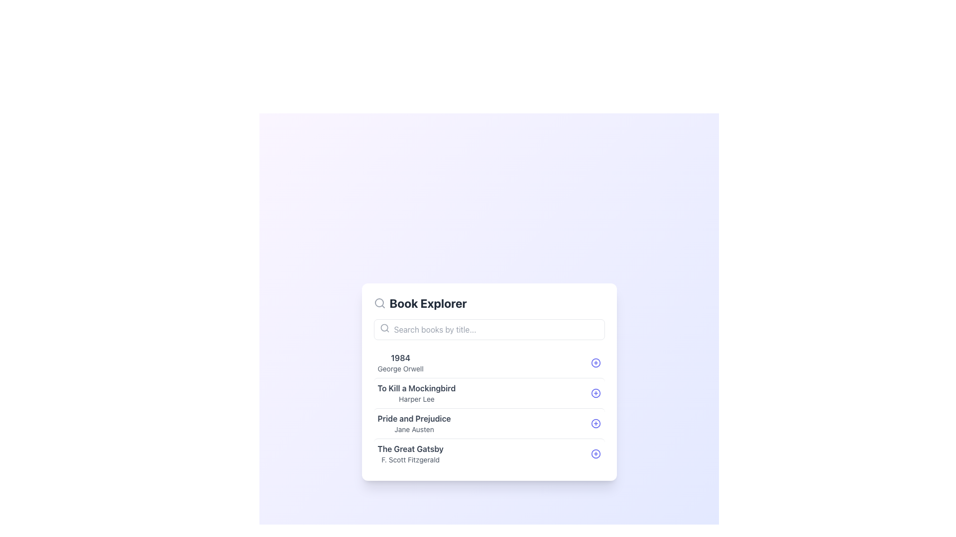 The image size is (956, 537). I want to click on the text label displaying the author's name 'Jane Austen', which is located directly beneath the title 'Pride and Prejudice', so click(414, 429).